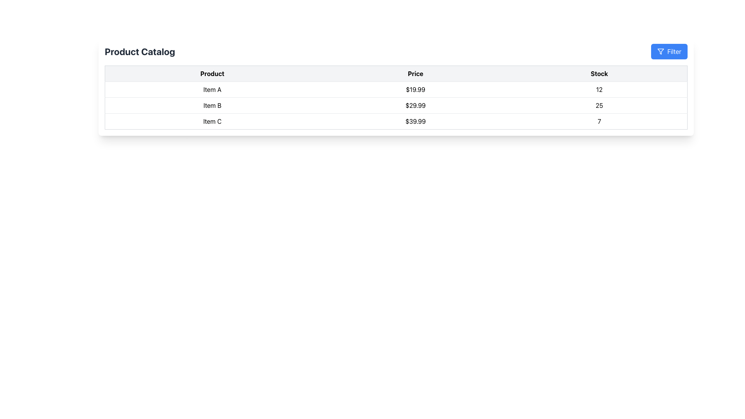  Describe the element at coordinates (415, 89) in the screenshot. I see `the static text element displaying the price of 'Item A' located in the second column of the table row` at that location.